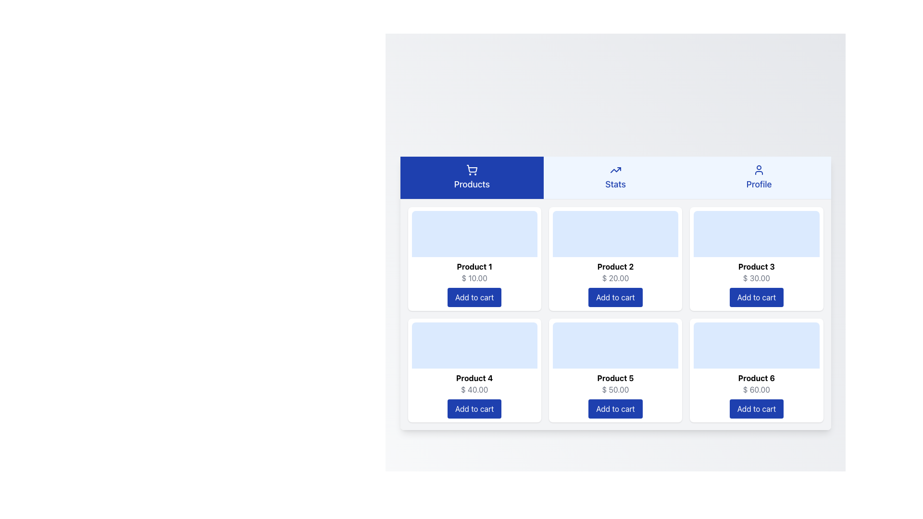 This screenshot has height=519, width=923. I want to click on the 'Add Product 3 to Cart' button located at the bottom of the top right card in a 3x2 grid layout, enabling keyboard navigation, so click(756, 297).